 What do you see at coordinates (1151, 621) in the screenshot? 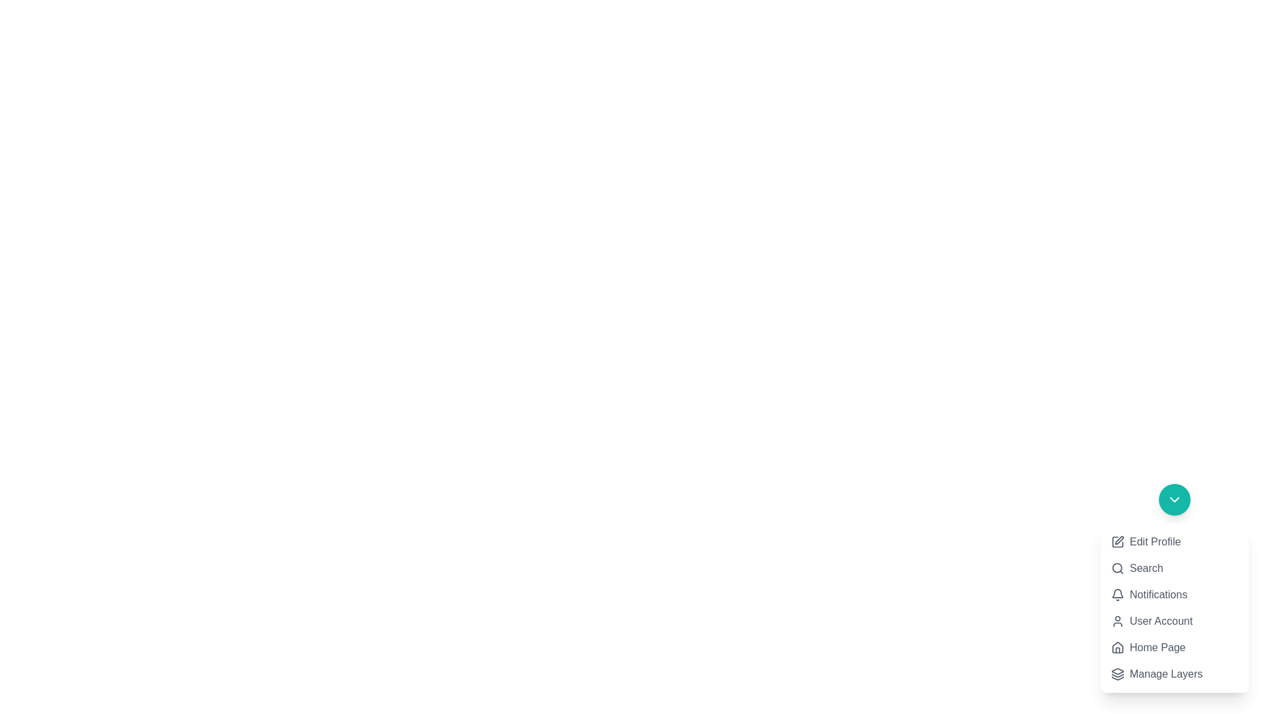
I see `the 'User Account' button in the dropdown menu` at bounding box center [1151, 621].